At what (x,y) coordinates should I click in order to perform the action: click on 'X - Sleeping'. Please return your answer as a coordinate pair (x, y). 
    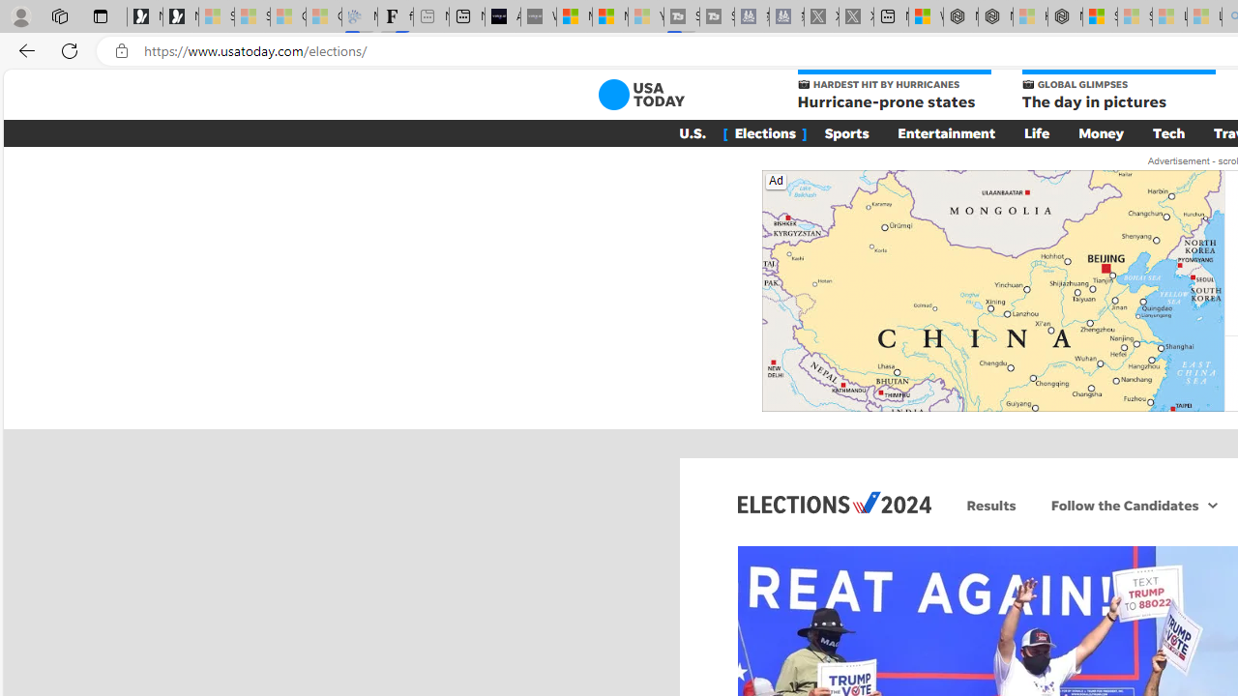
    Looking at the image, I should click on (855, 16).